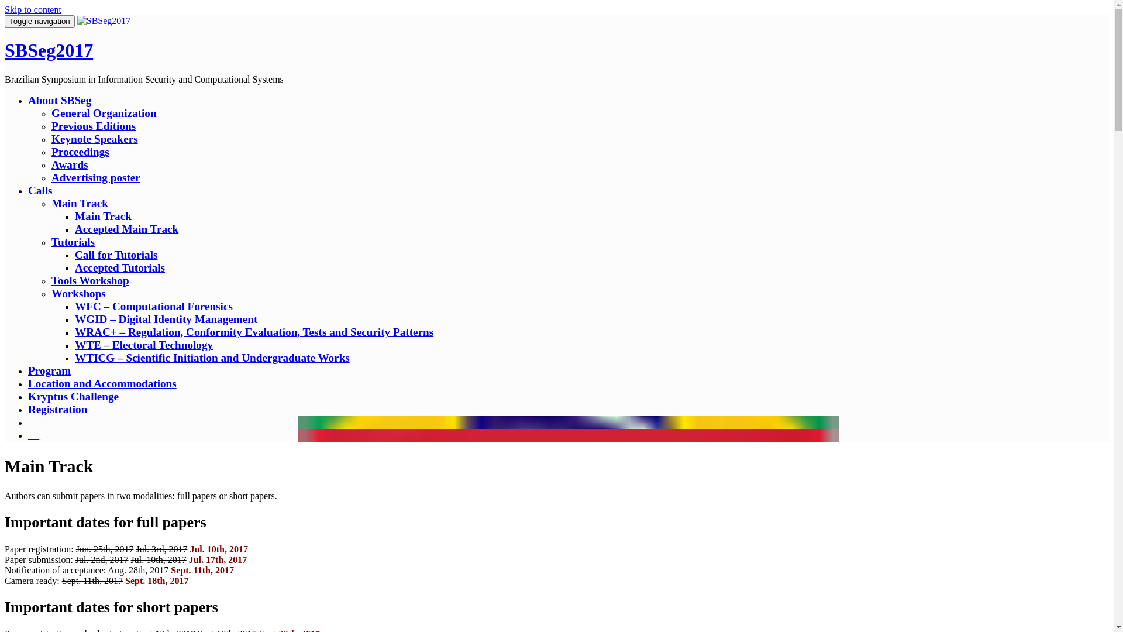 This screenshot has width=1123, height=632. Describe the element at coordinates (89, 280) in the screenshot. I see `'Tools Workshop'` at that location.